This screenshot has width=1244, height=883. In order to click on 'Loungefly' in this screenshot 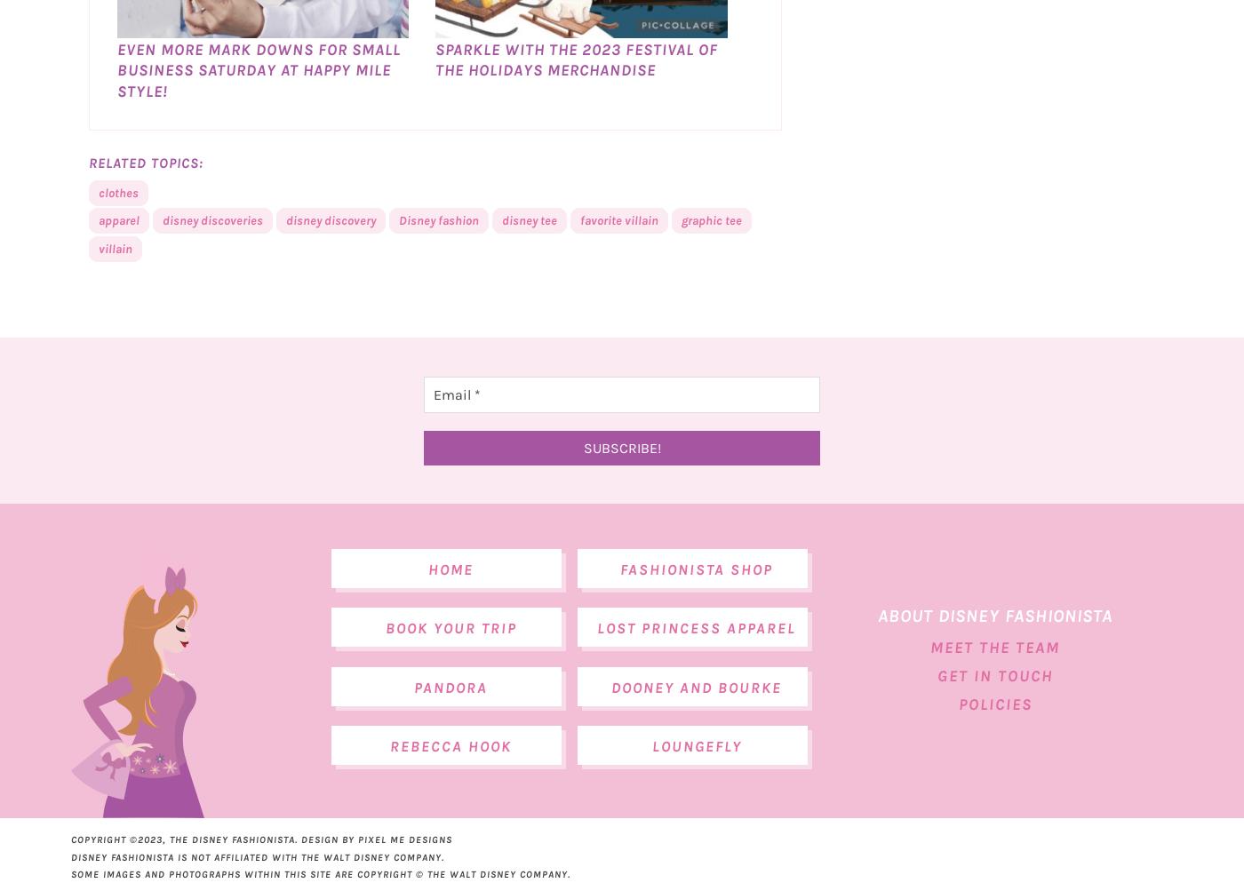, I will do `click(696, 785)`.